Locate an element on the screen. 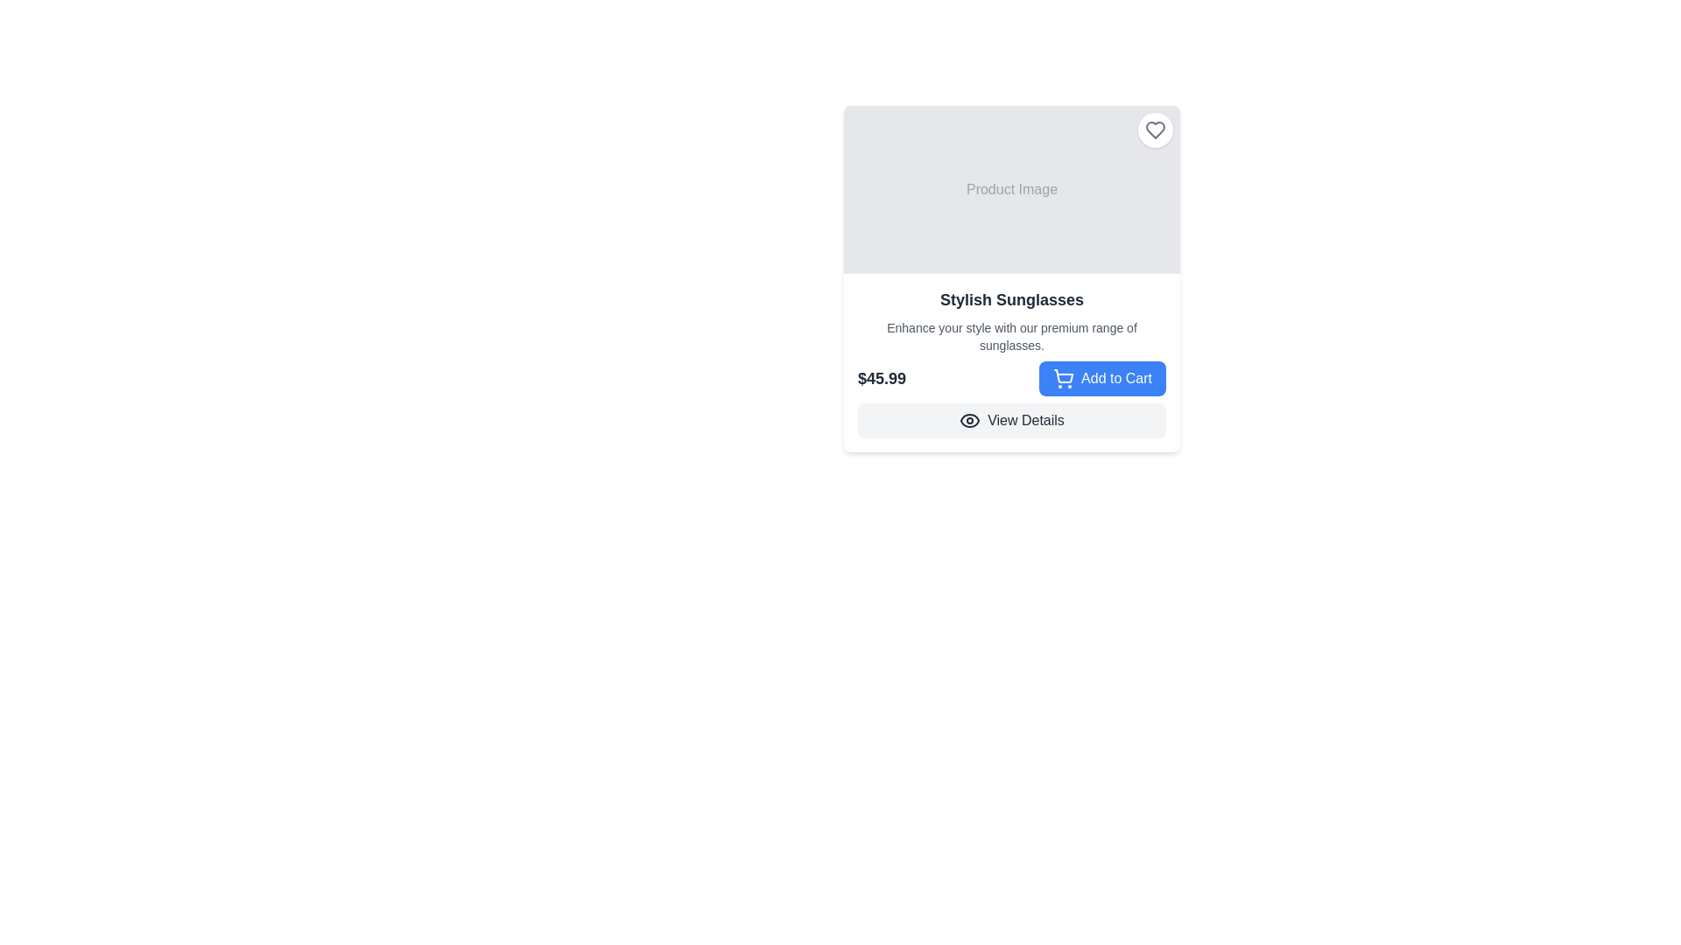 The height and width of the screenshot is (945, 1681). the shopping cart icon located to the left of the 'Add to Cart' text within the blue button is located at coordinates (1062, 377).